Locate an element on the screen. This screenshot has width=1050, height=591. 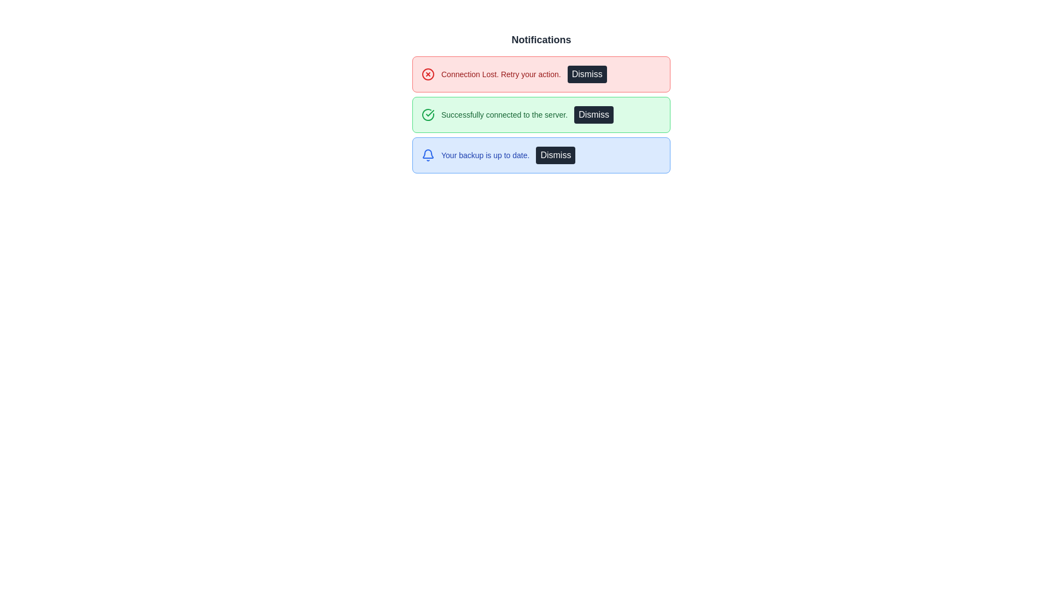
the status represented by the green circular icon with a checkmark located at the left side of the 'Successfully connected to the server' notification bar is located at coordinates (427, 114).